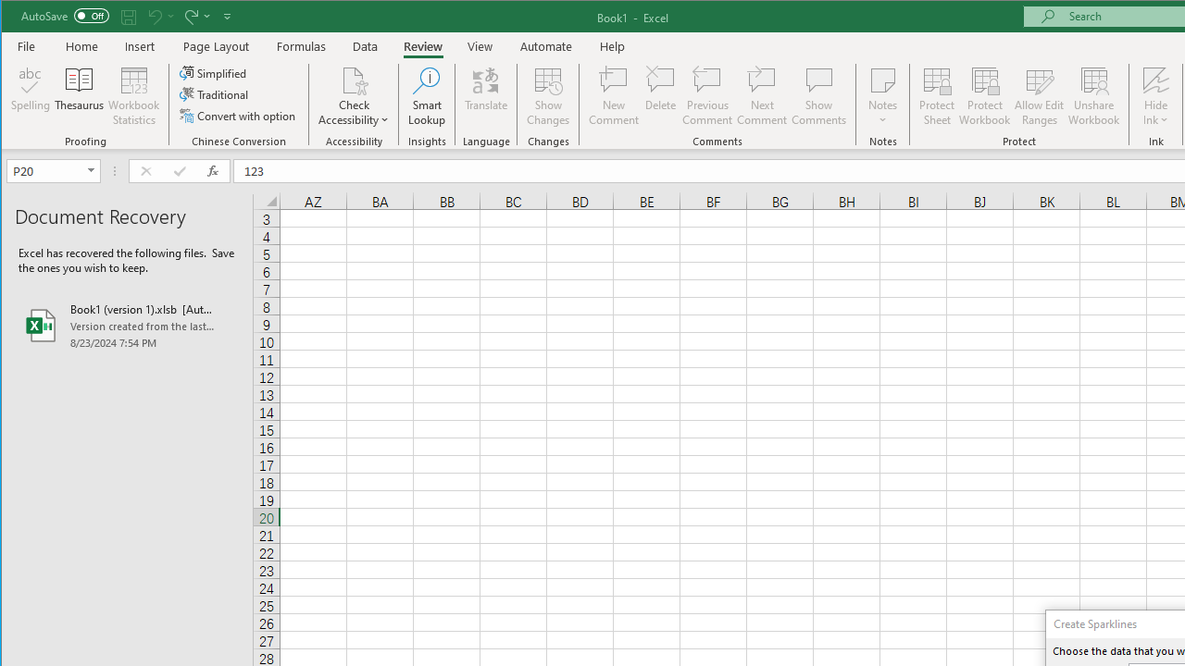 This screenshot has height=666, width=1185. Describe the element at coordinates (817, 96) in the screenshot. I see `'Show Comments'` at that location.